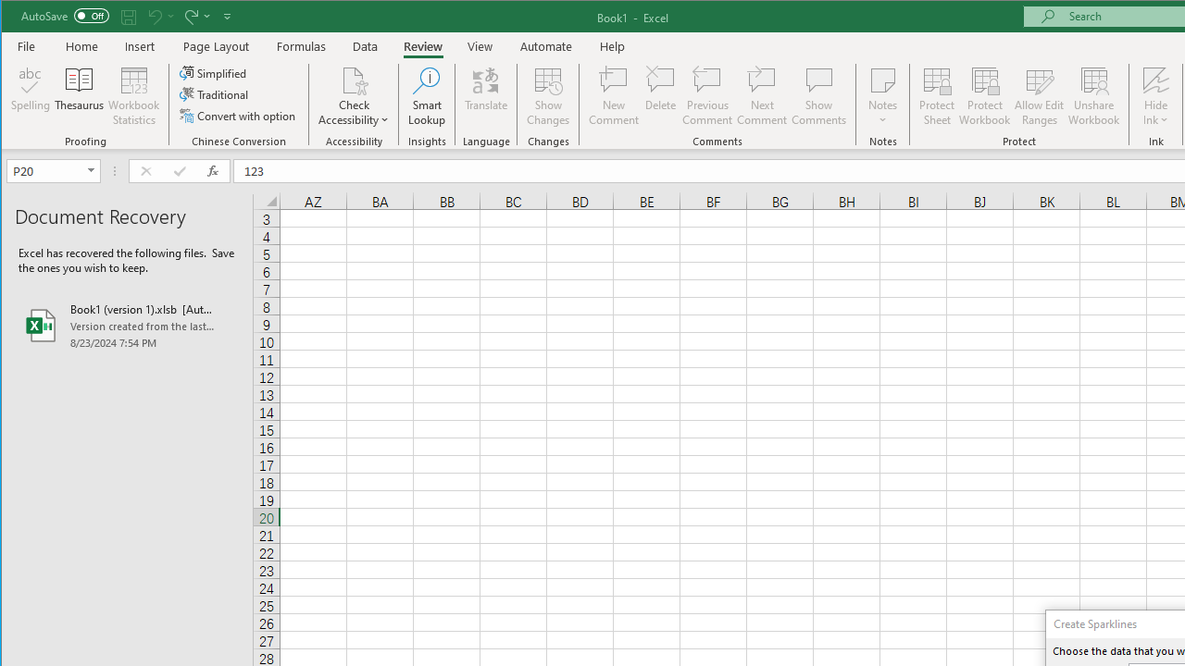 This screenshot has height=666, width=1185. Describe the element at coordinates (817, 96) in the screenshot. I see `'Show Comments'` at that location.